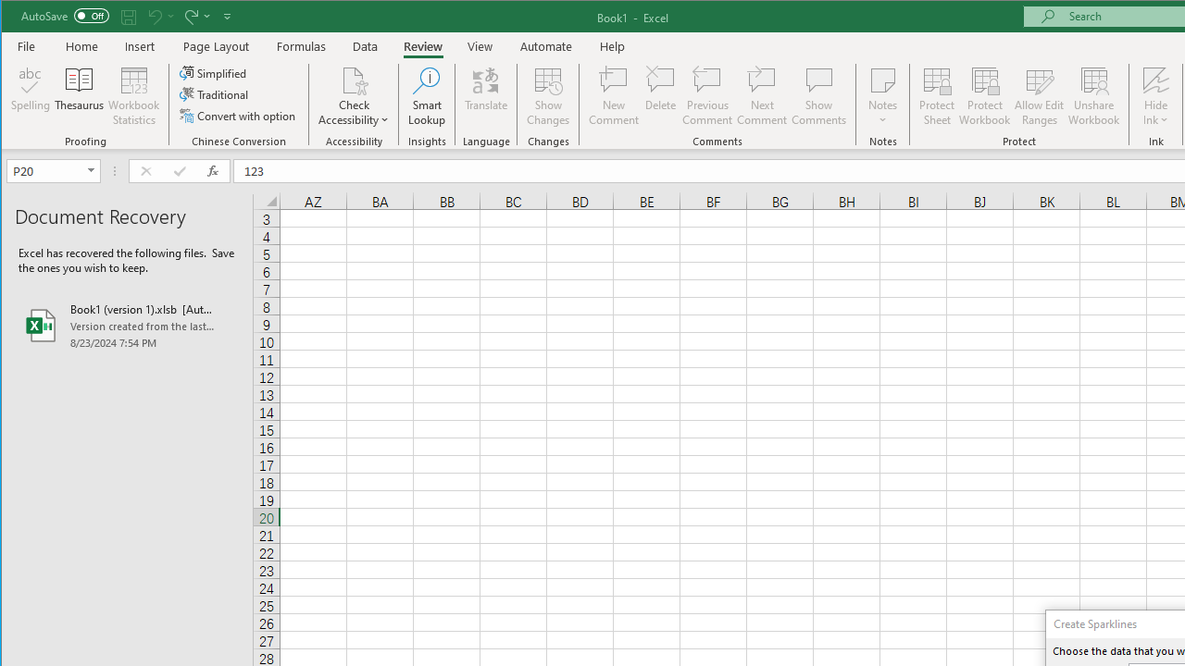 This screenshot has height=666, width=1185. Describe the element at coordinates (817, 96) in the screenshot. I see `'Show Comments'` at that location.